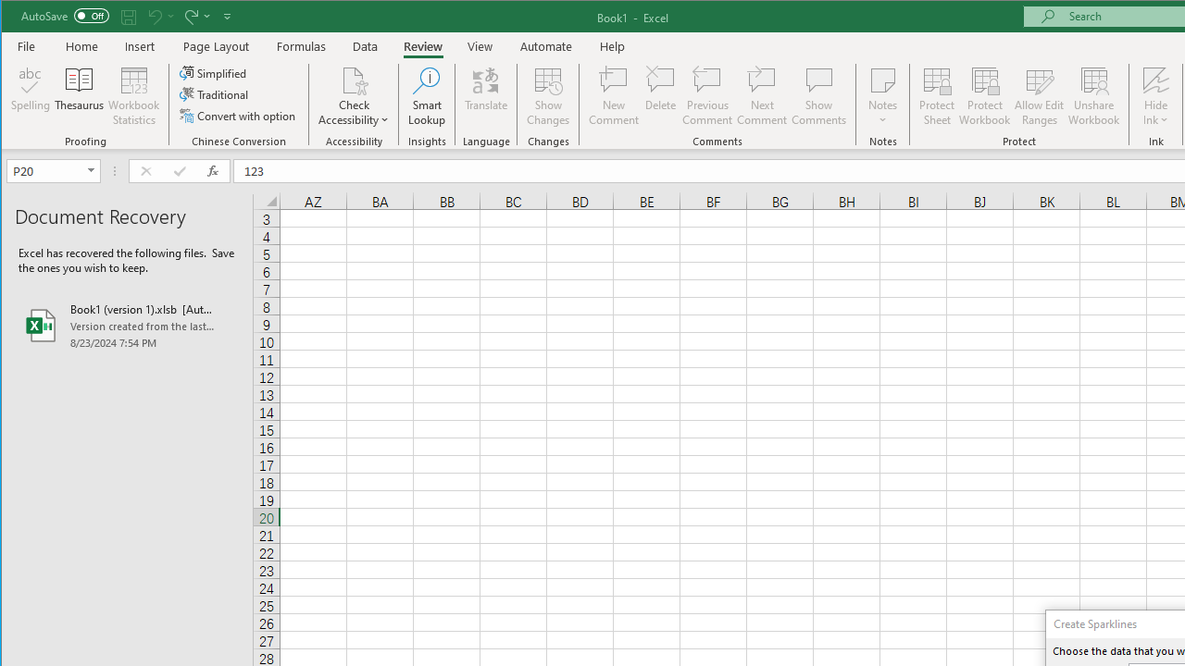 This screenshot has height=666, width=1185. Describe the element at coordinates (817, 96) in the screenshot. I see `'Show Comments'` at that location.